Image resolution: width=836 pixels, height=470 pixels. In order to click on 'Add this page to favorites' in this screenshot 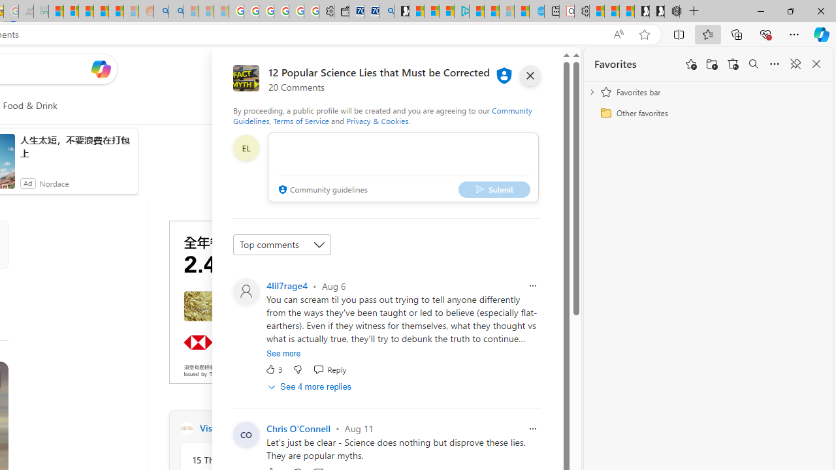, I will do `click(690, 64)`.